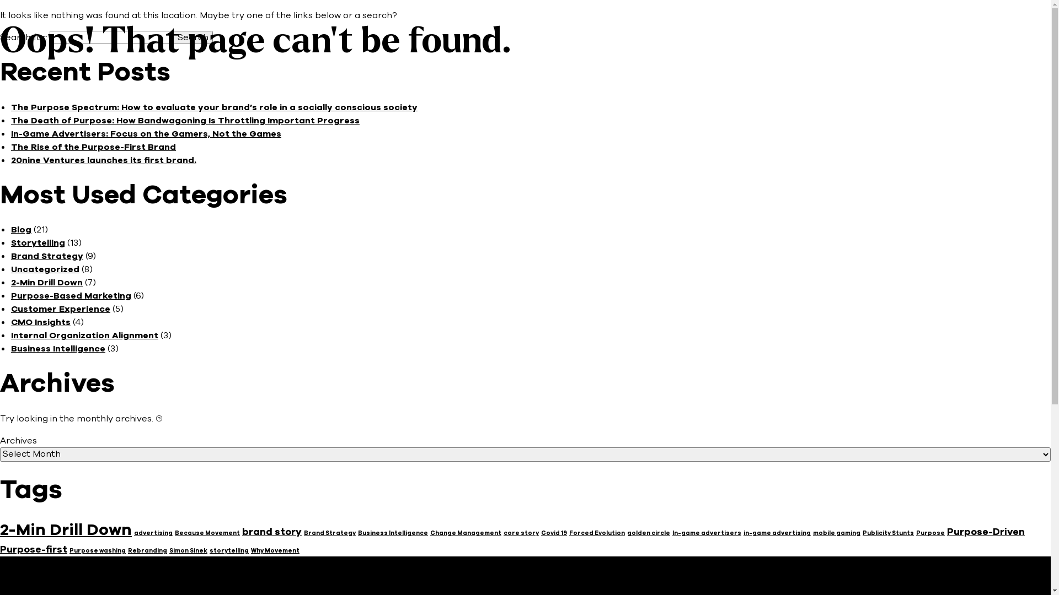 This screenshot has width=1059, height=595. I want to click on 'Brand Strategy', so click(46, 256).